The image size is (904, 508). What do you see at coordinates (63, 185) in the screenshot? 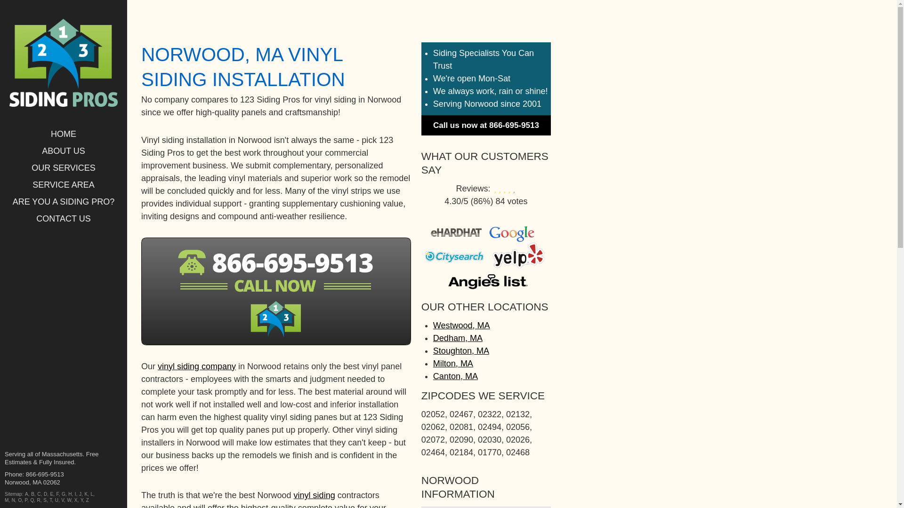
I see `'SERVICE AREA'` at bounding box center [63, 185].